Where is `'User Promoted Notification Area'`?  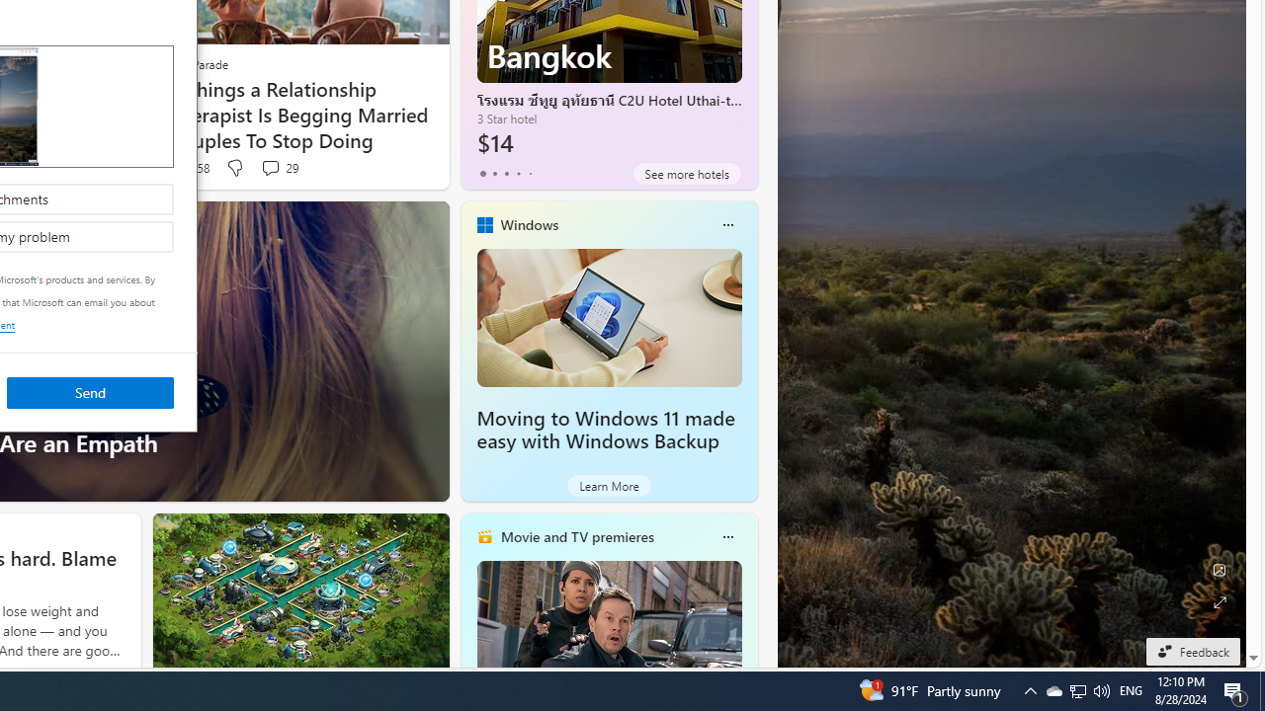 'User Promoted Notification Area' is located at coordinates (1076, 689).